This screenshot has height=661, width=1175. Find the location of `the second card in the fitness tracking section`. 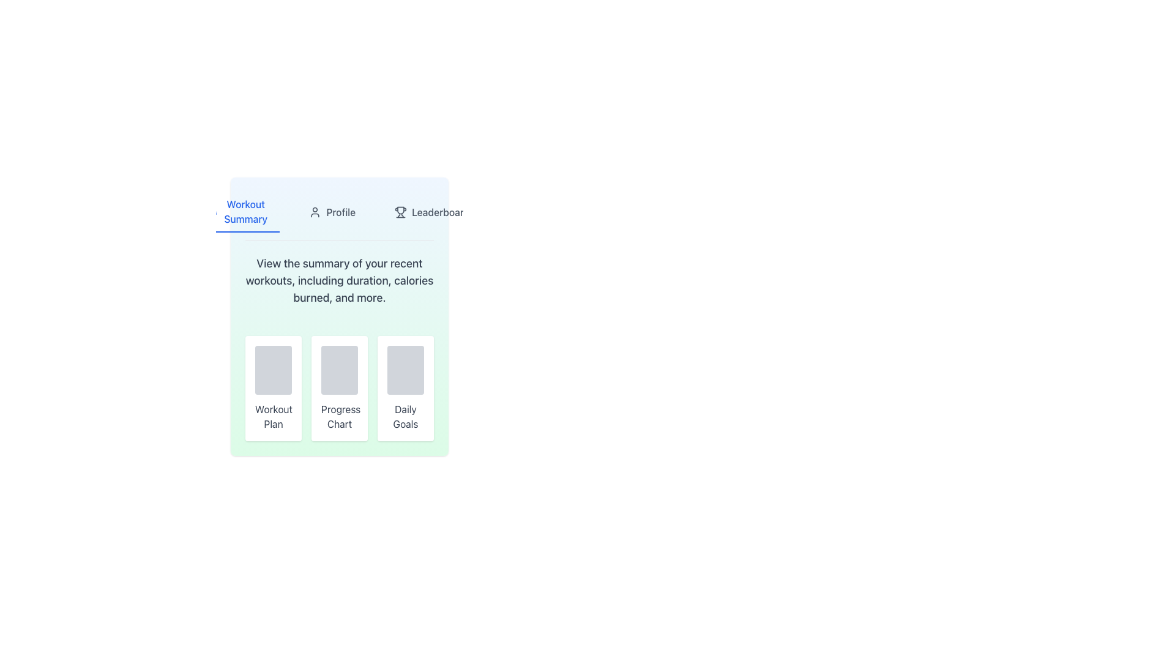

the second card in the fitness tracking section is located at coordinates (340, 389).